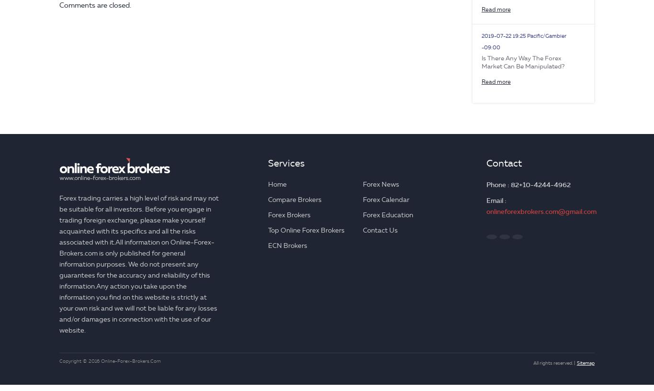 The image size is (654, 391). I want to click on 'Comments are closed.', so click(95, 5).